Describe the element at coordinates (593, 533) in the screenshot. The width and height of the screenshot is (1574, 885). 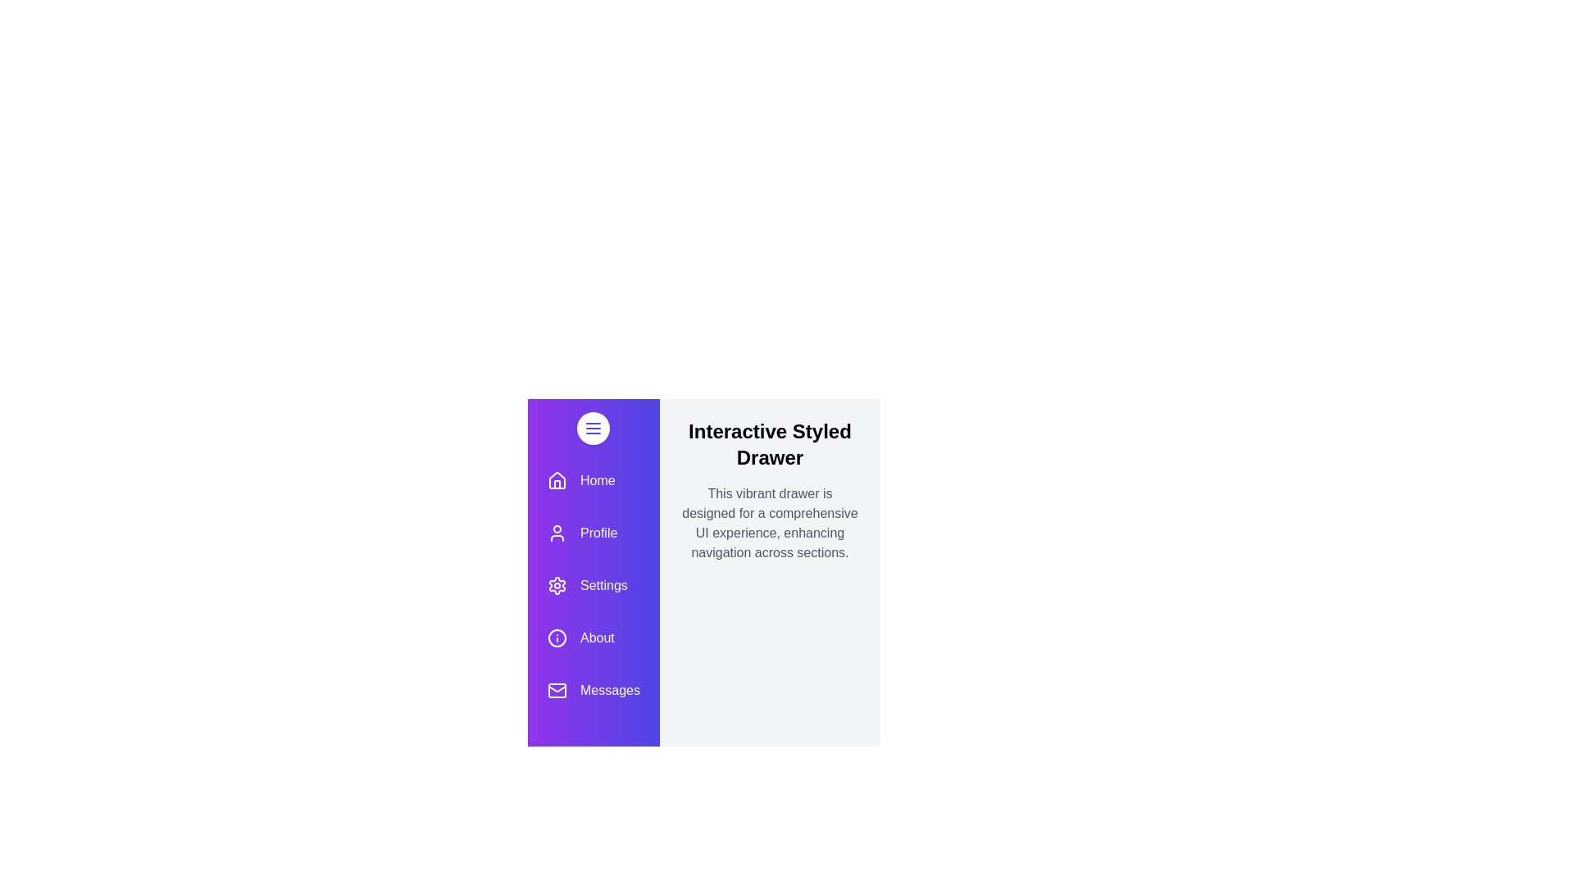
I see `the menu item labeled Profile` at that location.